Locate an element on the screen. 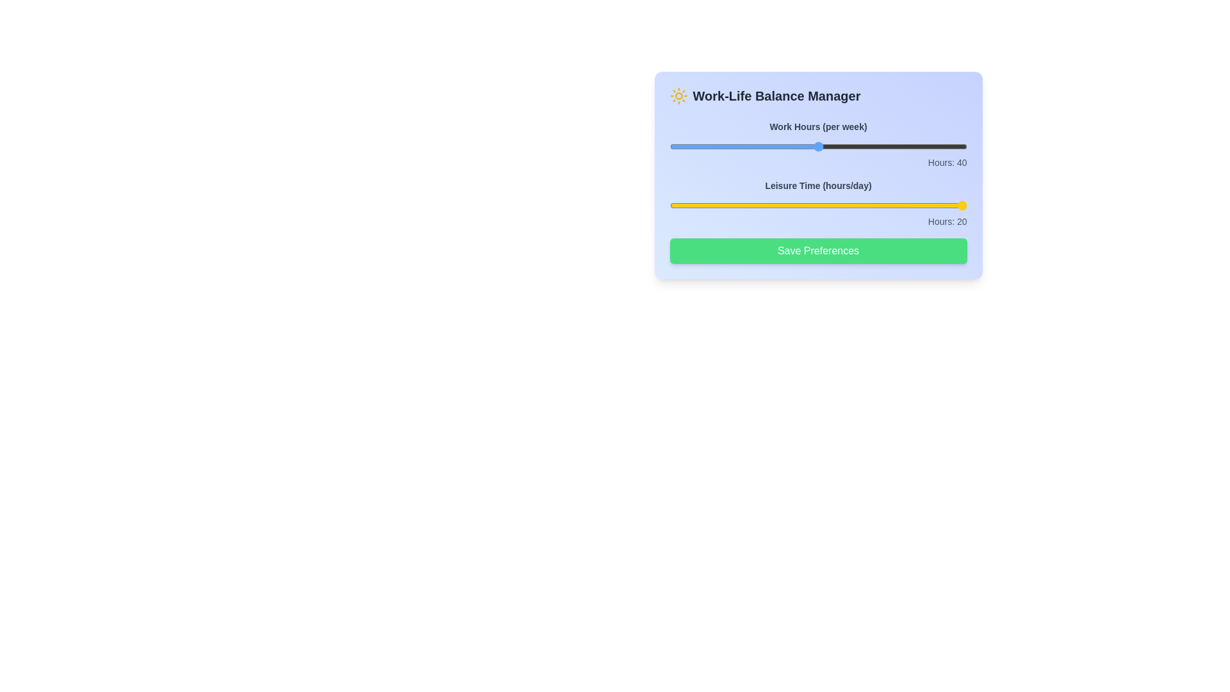 This screenshot has width=1230, height=692. the 'Leisure Time' slider to set leisure hours to 9 is located at coordinates (930, 204).